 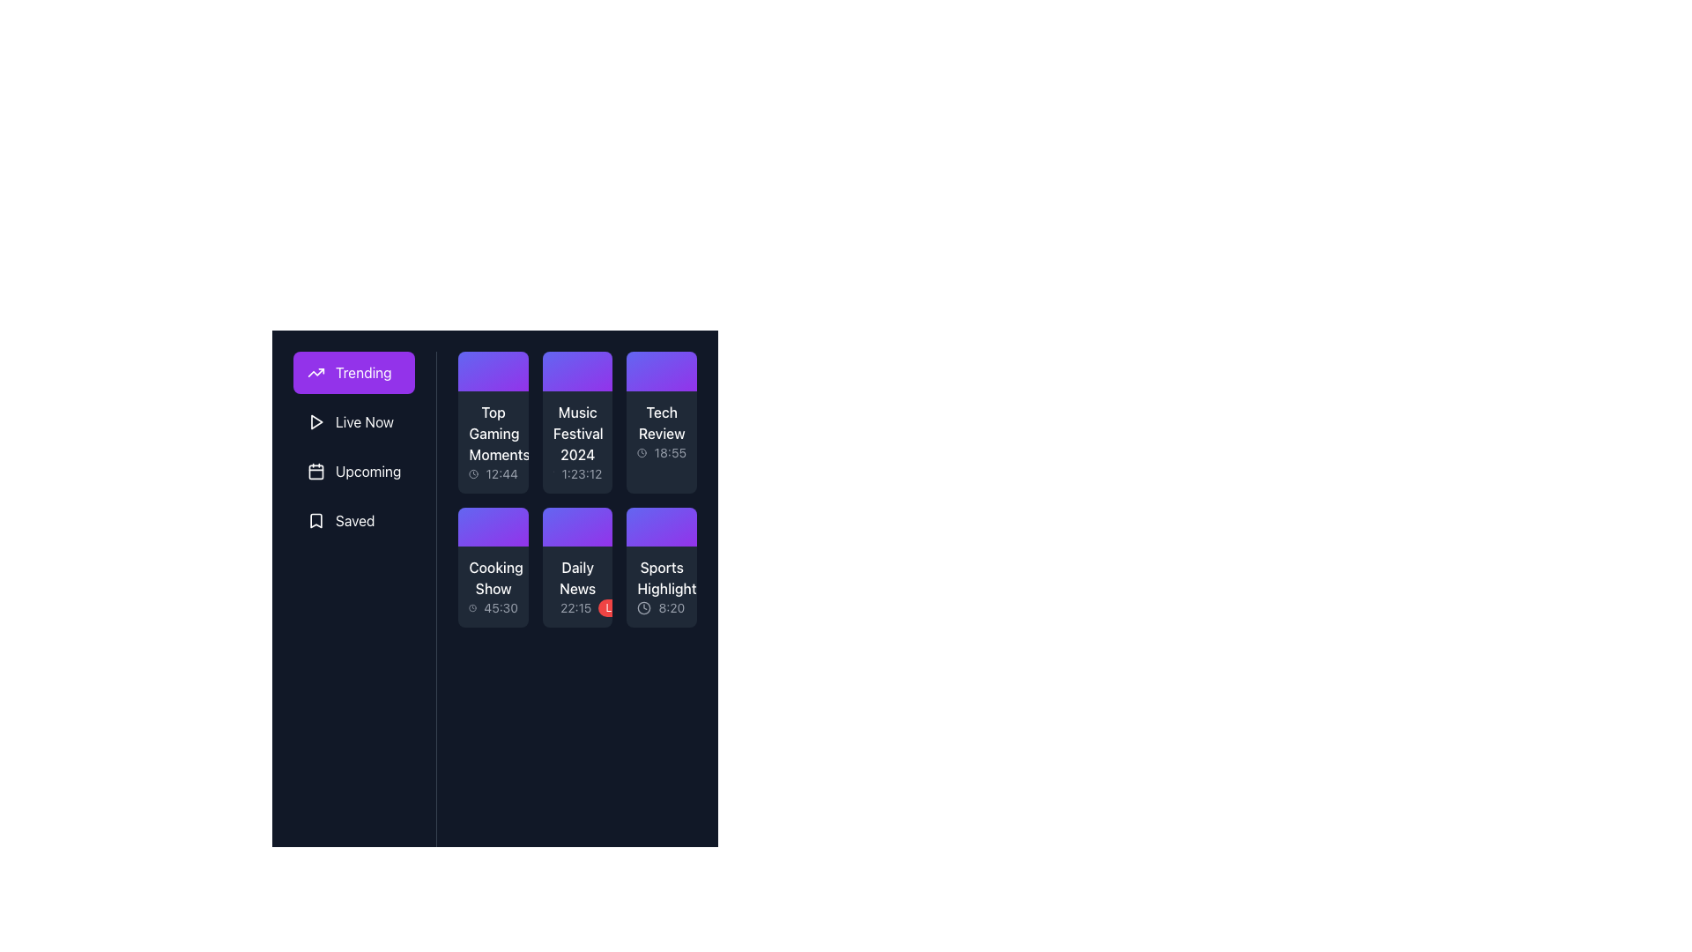 What do you see at coordinates (493, 422) in the screenshot?
I see `the 'Top Gaming Moments' Media card for navigation purposes` at bounding box center [493, 422].